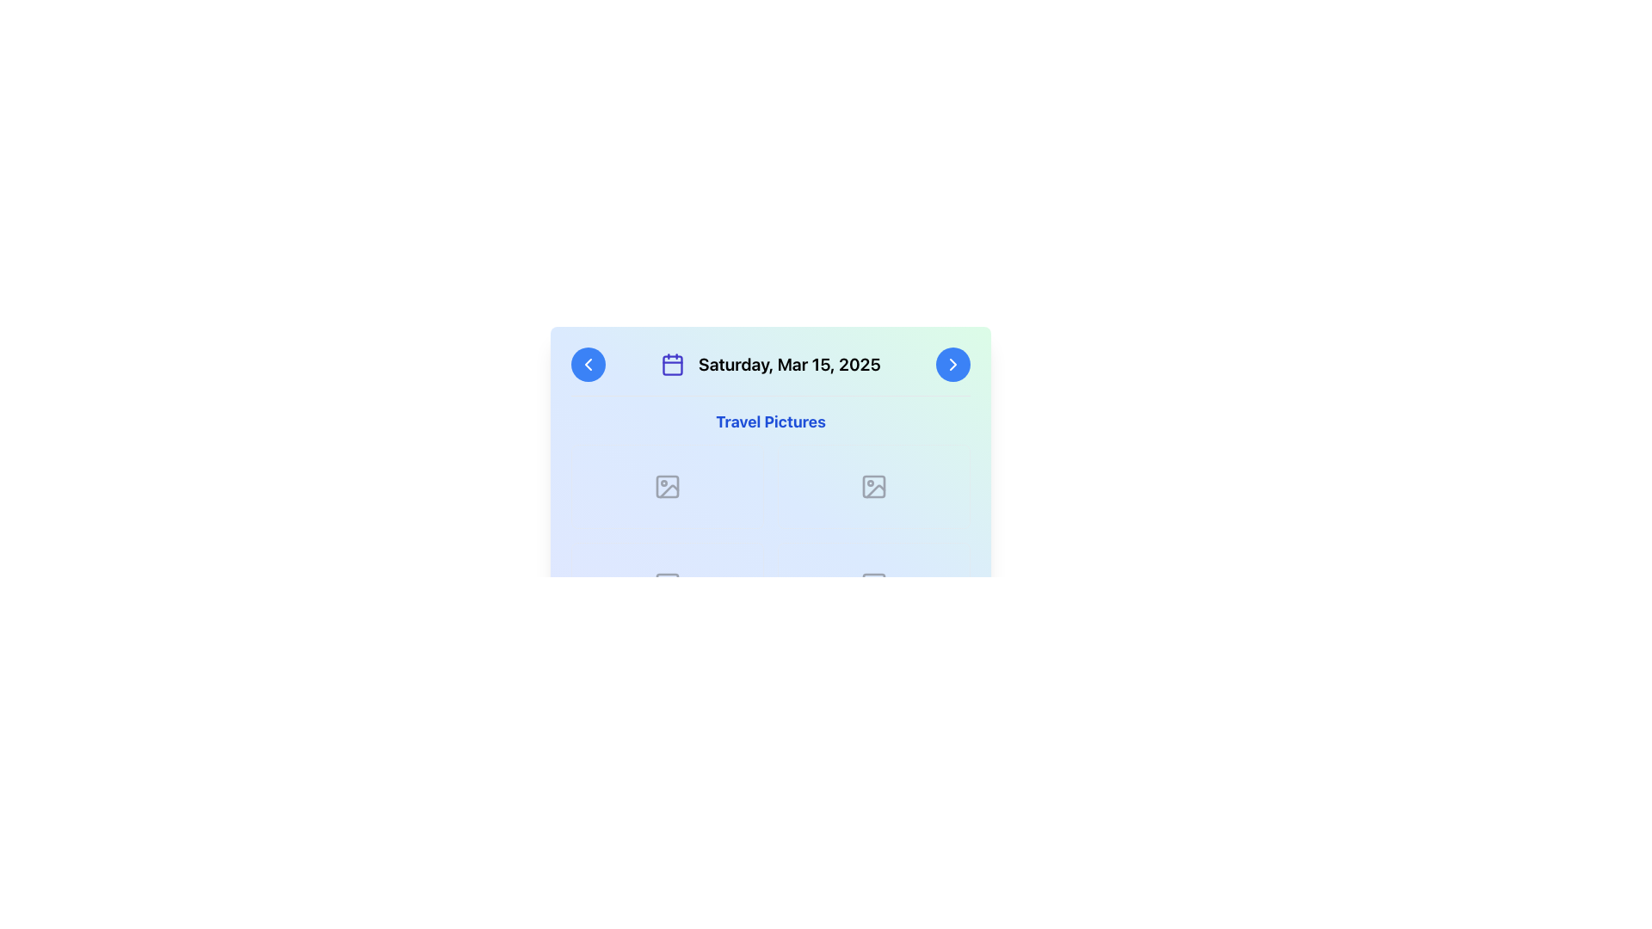  What do you see at coordinates (770, 421) in the screenshot?
I see `the text label displaying 'Travel Pictures' in bold blue font, located below the date and navigation arrows` at bounding box center [770, 421].